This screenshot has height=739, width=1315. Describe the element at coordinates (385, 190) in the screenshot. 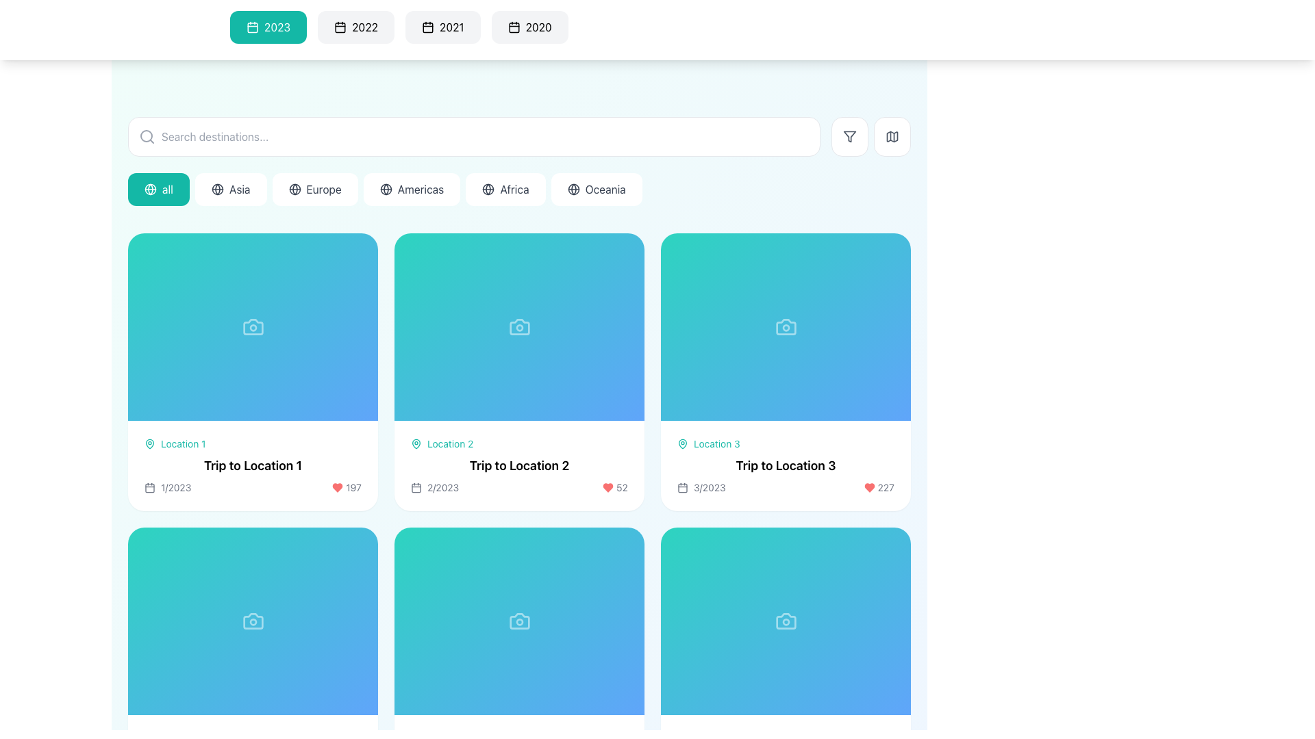

I see `the geographical-themed icon located near the left edge of the 'Americas' button in the navigation menu for potential tooltip or effect` at that location.